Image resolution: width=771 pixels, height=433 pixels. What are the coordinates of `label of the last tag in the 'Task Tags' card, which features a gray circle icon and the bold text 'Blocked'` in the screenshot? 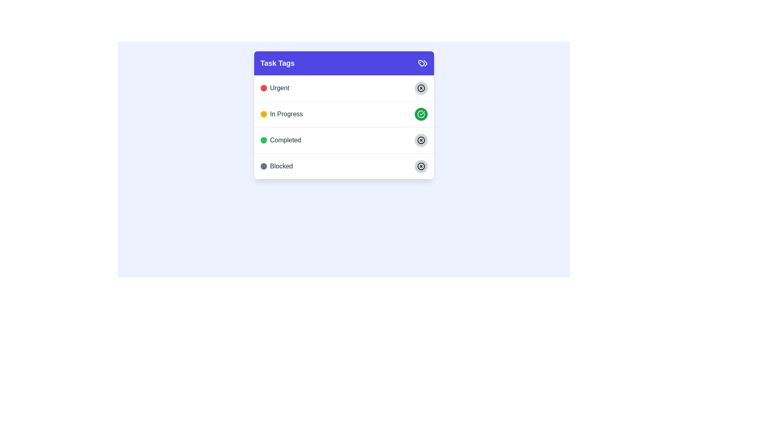 It's located at (276, 166).